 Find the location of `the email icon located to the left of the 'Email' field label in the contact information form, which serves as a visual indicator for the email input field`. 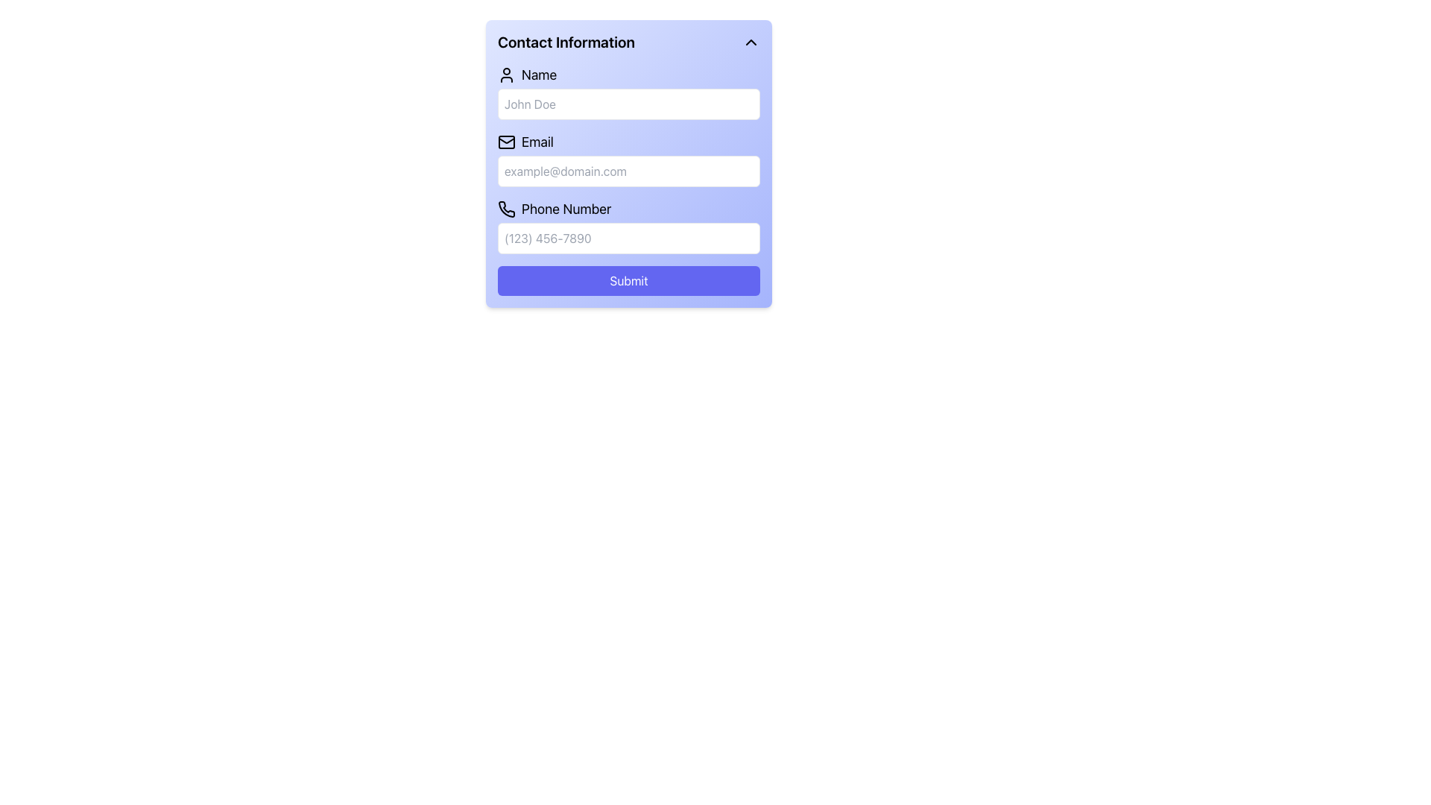

the email icon located to the left of the 'Email' field label in the contact information form, which serves as a visual indicator for the email input field is located at coordinates (507, 142).